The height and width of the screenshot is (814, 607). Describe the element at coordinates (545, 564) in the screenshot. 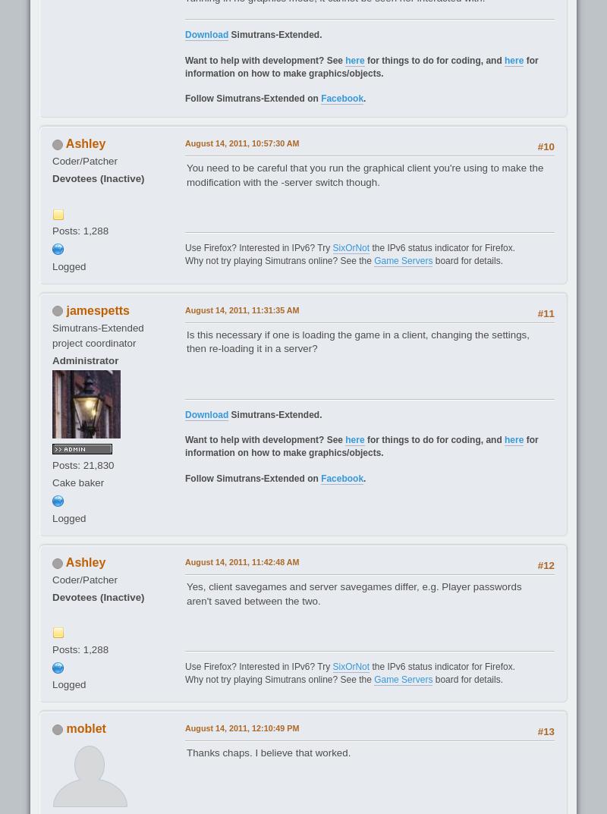

I see `'#12'` at that location.